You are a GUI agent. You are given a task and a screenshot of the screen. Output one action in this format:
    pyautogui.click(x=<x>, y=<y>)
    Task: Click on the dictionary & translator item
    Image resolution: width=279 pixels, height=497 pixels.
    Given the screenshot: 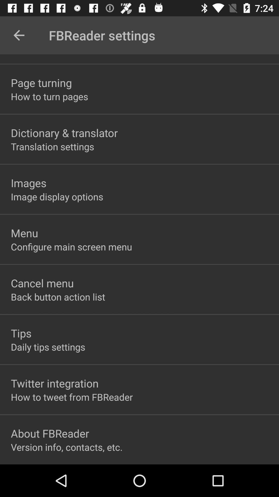 What is the action you would take?
    pyautogui.click(x=64, y=133)
    